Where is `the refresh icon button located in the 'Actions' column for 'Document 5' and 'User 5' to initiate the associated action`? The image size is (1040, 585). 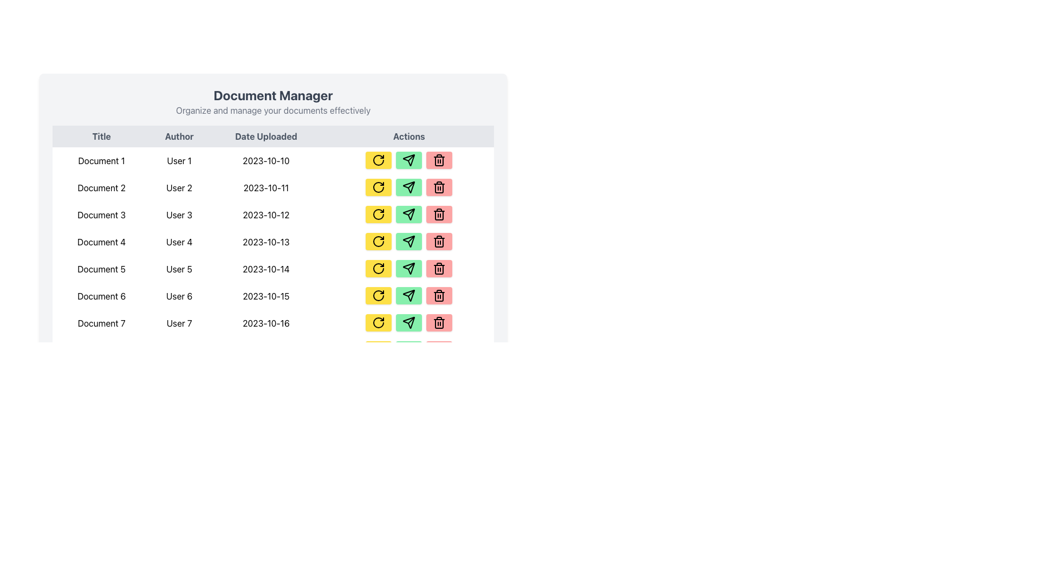 the refresh icon button located in the 'Actions' column for 'Document 5' and 'User 5' to initiate the associated action is located at coordinates (379, 268).